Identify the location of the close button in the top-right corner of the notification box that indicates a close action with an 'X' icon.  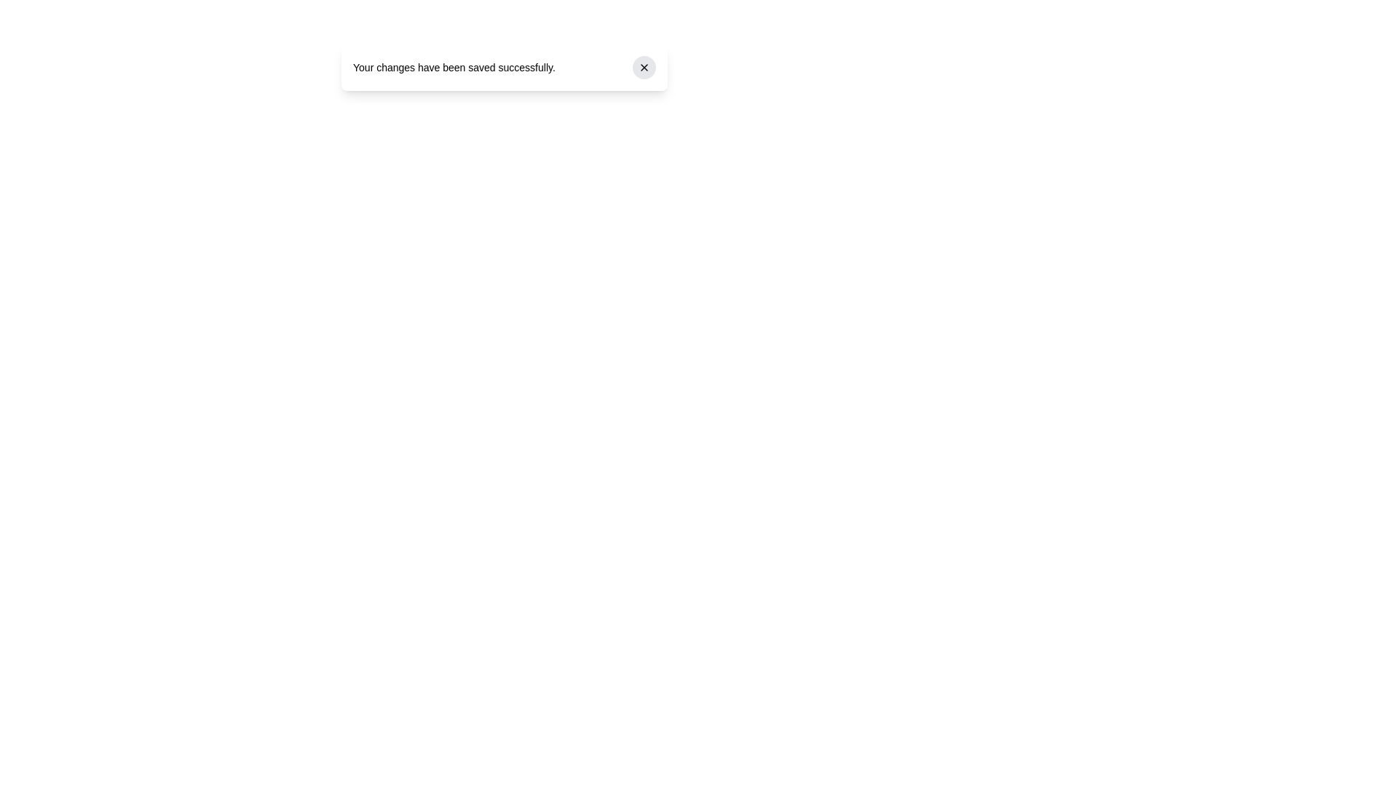
(643, 67).